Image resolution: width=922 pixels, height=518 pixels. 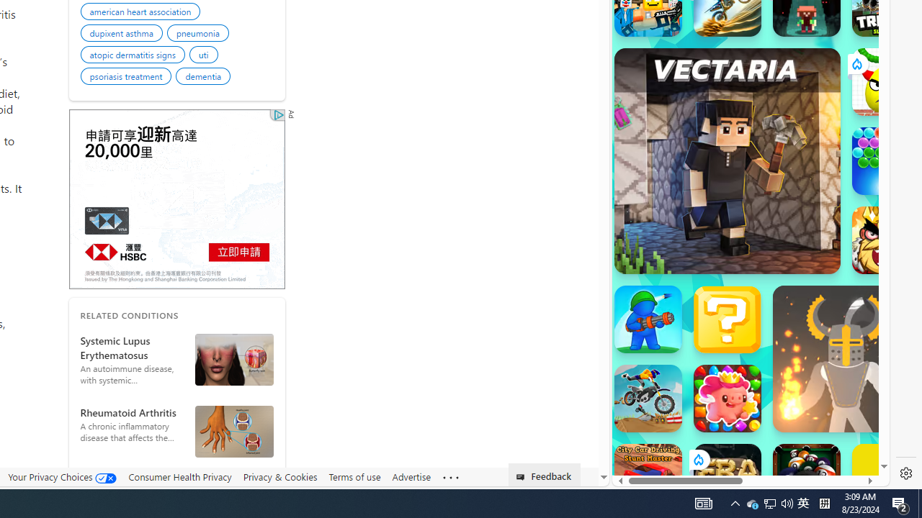 I want to click on 'Class: feedback_link_icon-DS-EntryPoint1-1', so click(x=523, y=477).